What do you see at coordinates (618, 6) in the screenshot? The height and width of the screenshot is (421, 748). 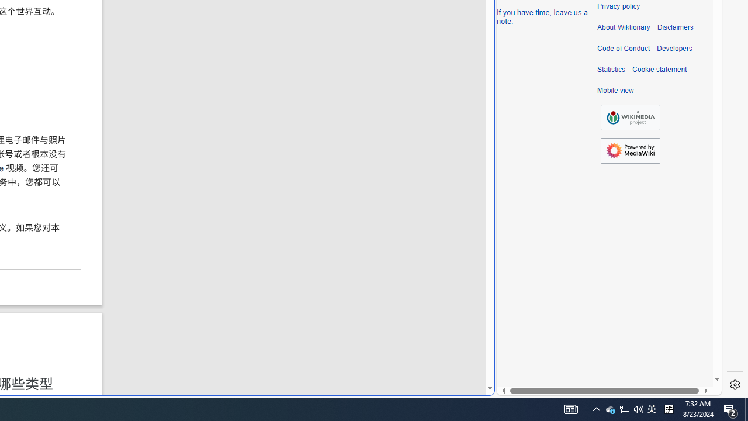 I see `'Privacy policy'` at bounding box center [618, 6].